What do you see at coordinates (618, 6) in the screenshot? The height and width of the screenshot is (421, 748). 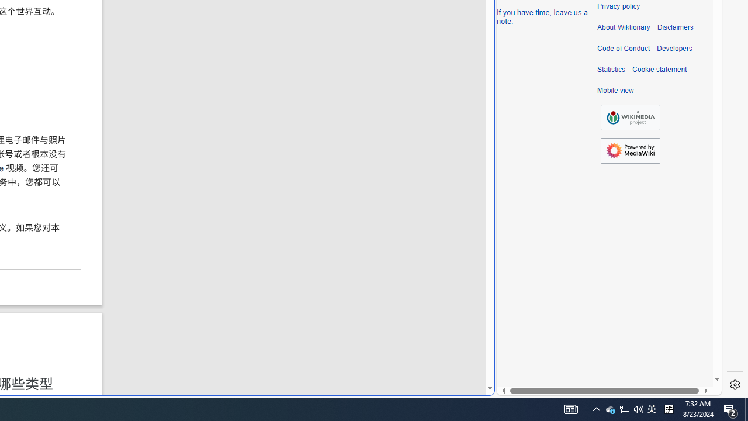 I see `'Privacy policy'` at bounding box center [618, 6].